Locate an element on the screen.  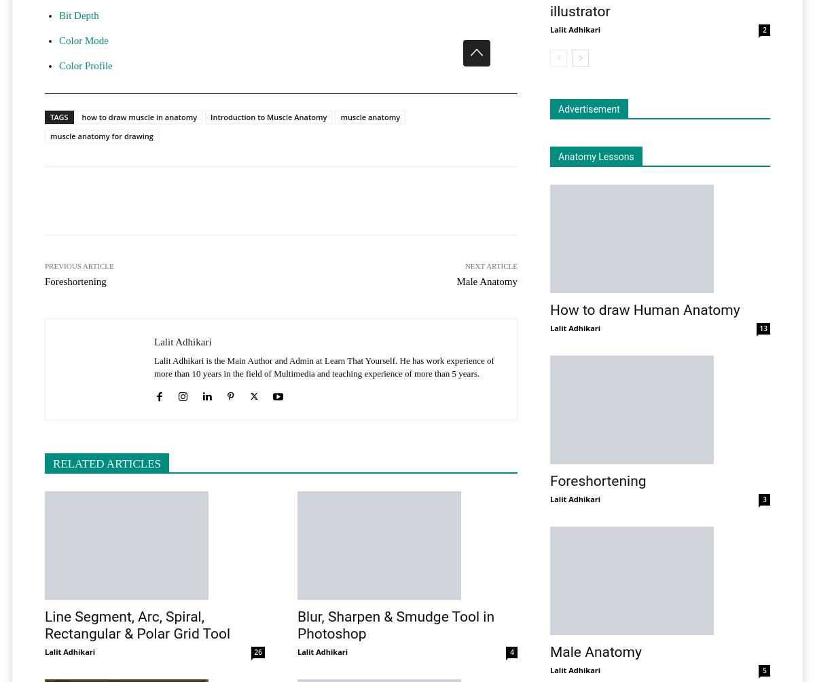
'26' is located at coordinates (258, 650).